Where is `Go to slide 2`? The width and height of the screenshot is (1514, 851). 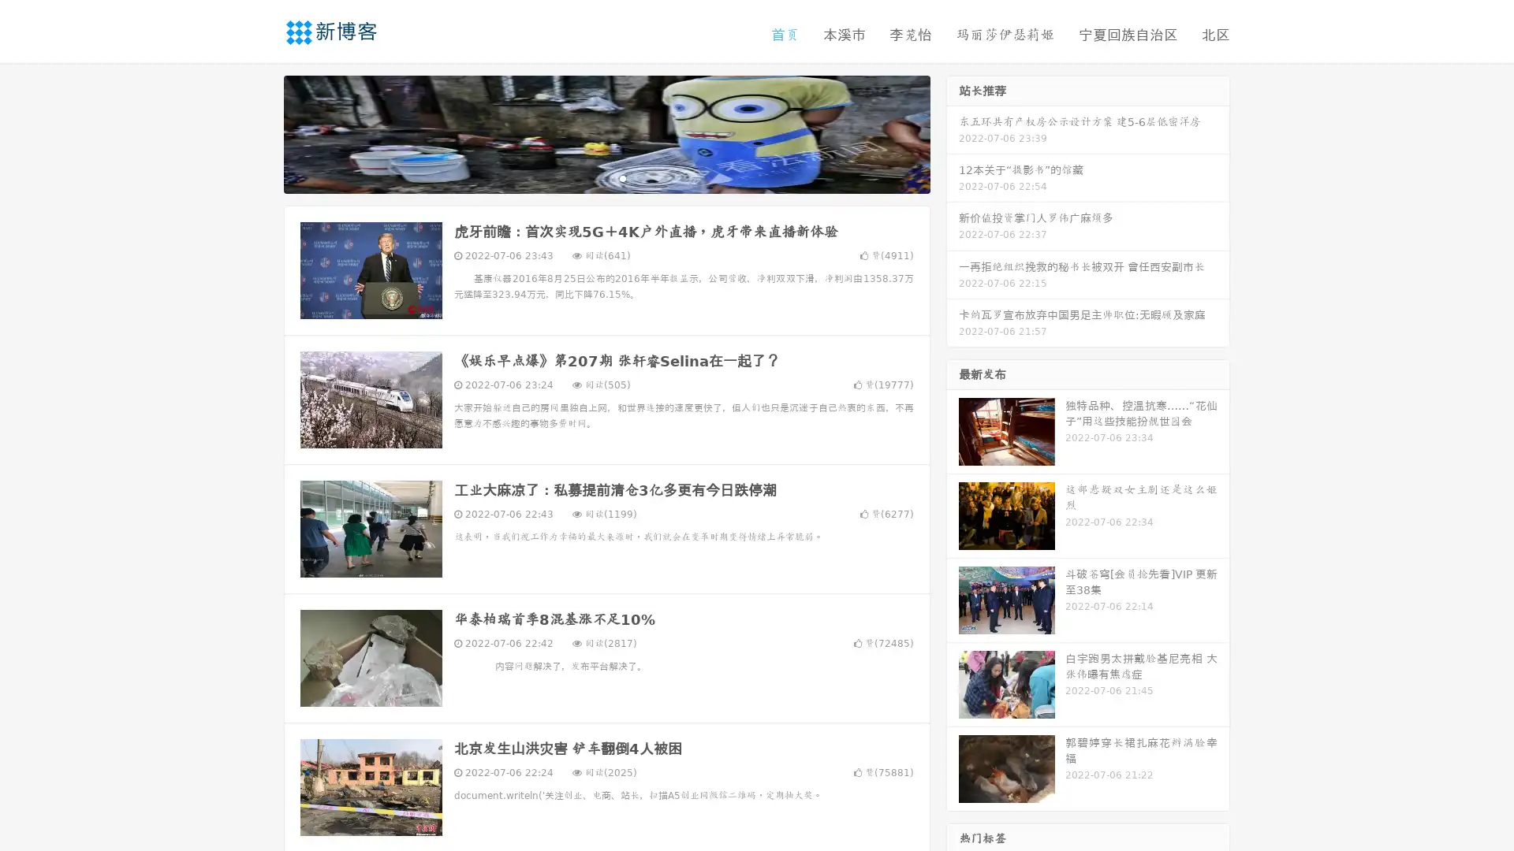
Go to slide 2 is located at coordinates (606, 177).